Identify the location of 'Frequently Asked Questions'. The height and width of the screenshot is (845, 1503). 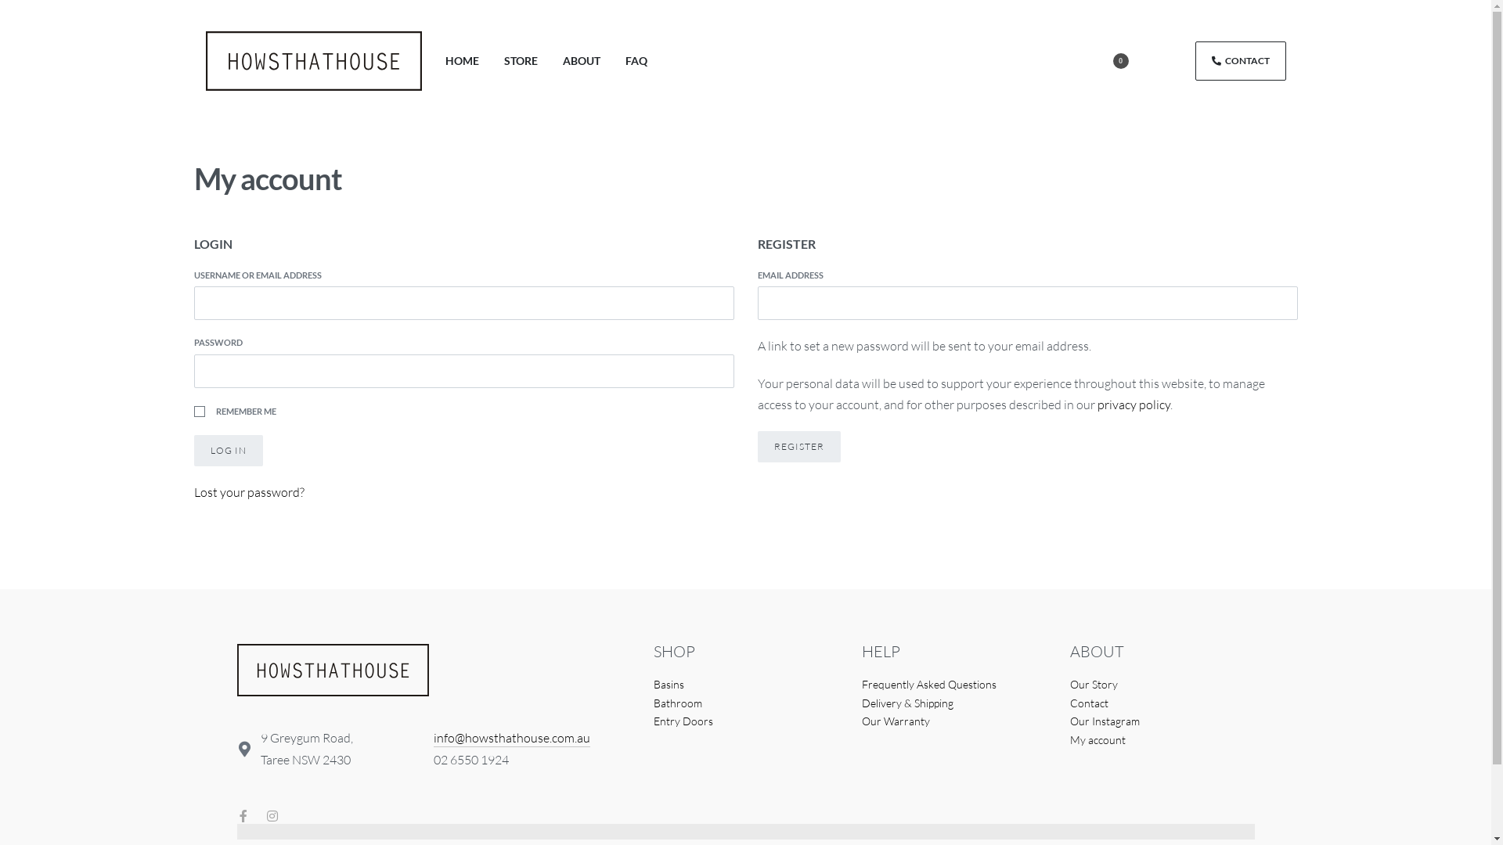
(953, 684).